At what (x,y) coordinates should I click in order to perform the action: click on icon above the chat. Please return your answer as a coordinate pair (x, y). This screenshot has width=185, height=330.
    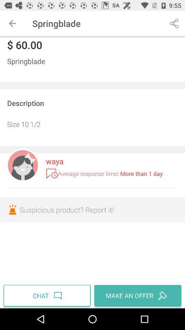
    Looking at the image, I should click on (92, 209).